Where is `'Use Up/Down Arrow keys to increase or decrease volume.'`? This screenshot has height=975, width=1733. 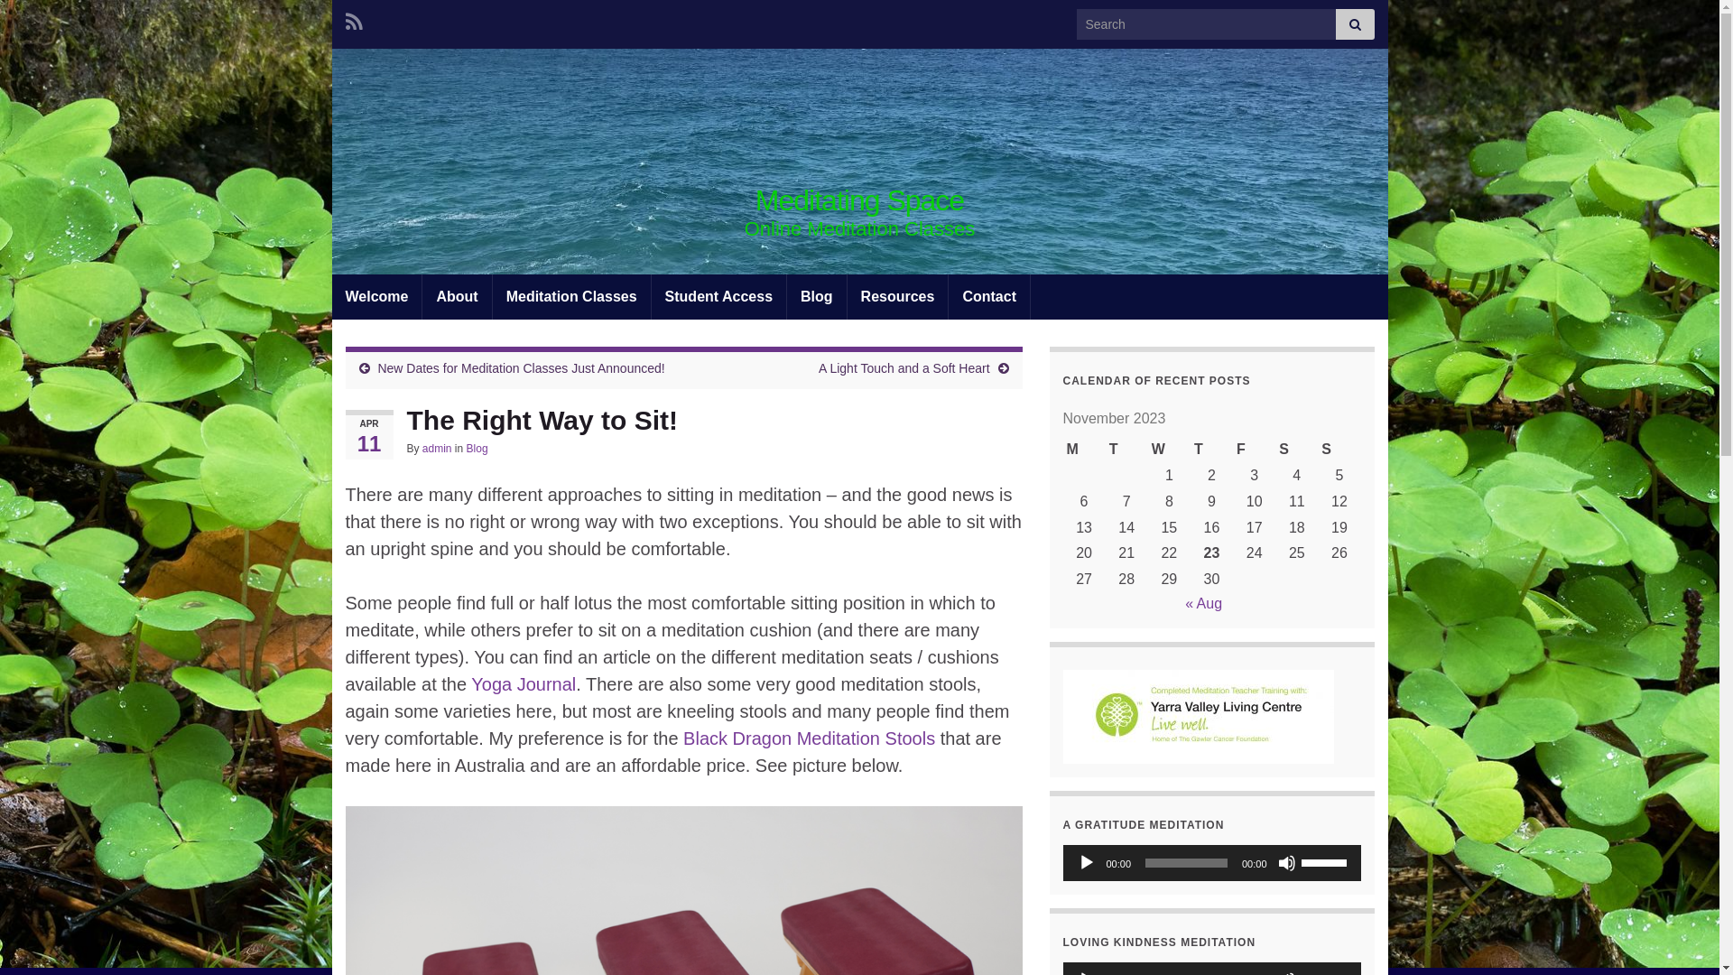
'Use Up/Down Arrow keys to increase or decrease volume.' is located at coordinates (1326, 859).